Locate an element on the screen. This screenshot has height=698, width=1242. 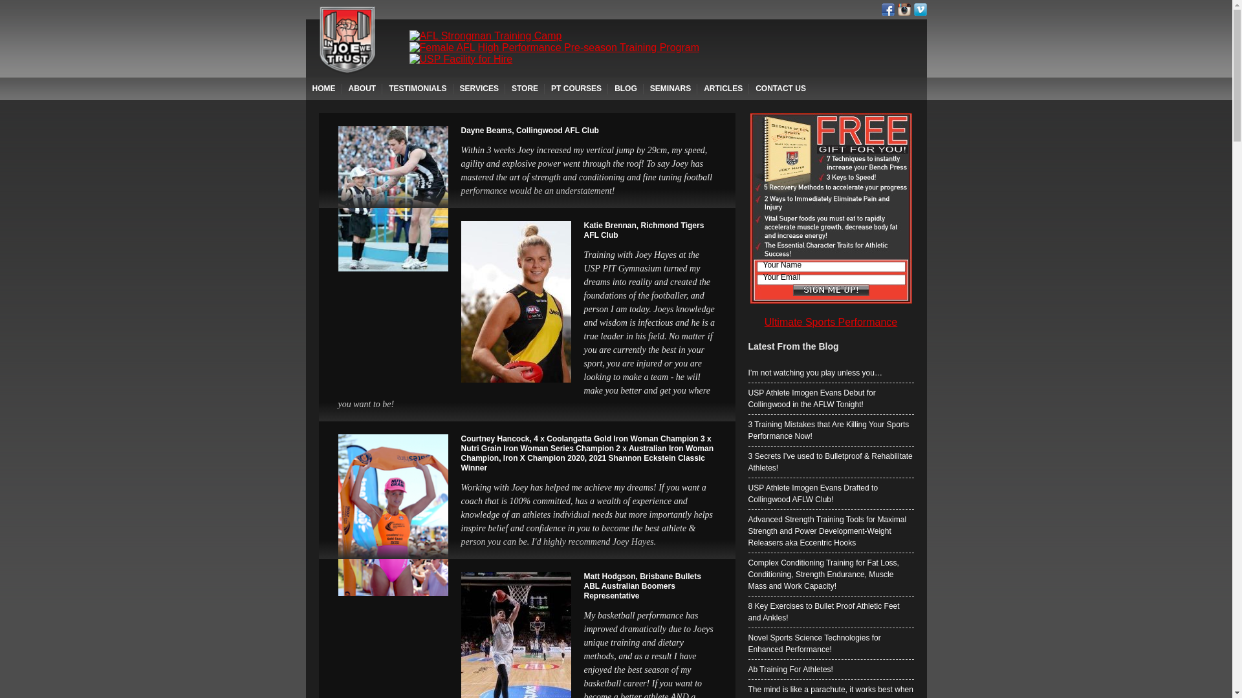
'CONTACT US' is located at coordinates (748, 88).